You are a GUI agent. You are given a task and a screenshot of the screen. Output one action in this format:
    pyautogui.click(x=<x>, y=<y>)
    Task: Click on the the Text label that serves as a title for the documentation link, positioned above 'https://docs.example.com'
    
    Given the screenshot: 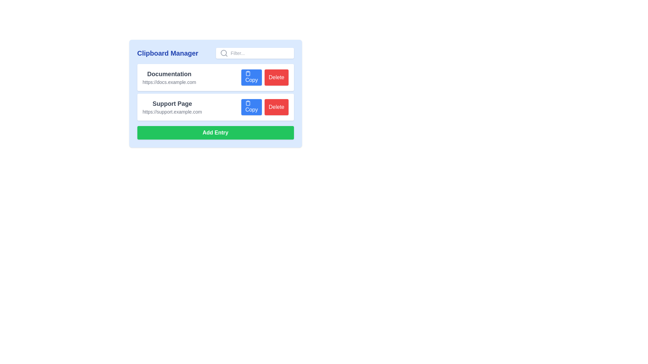 What is the action you would take?
    pyautogui.click(x=169, y=74)
    